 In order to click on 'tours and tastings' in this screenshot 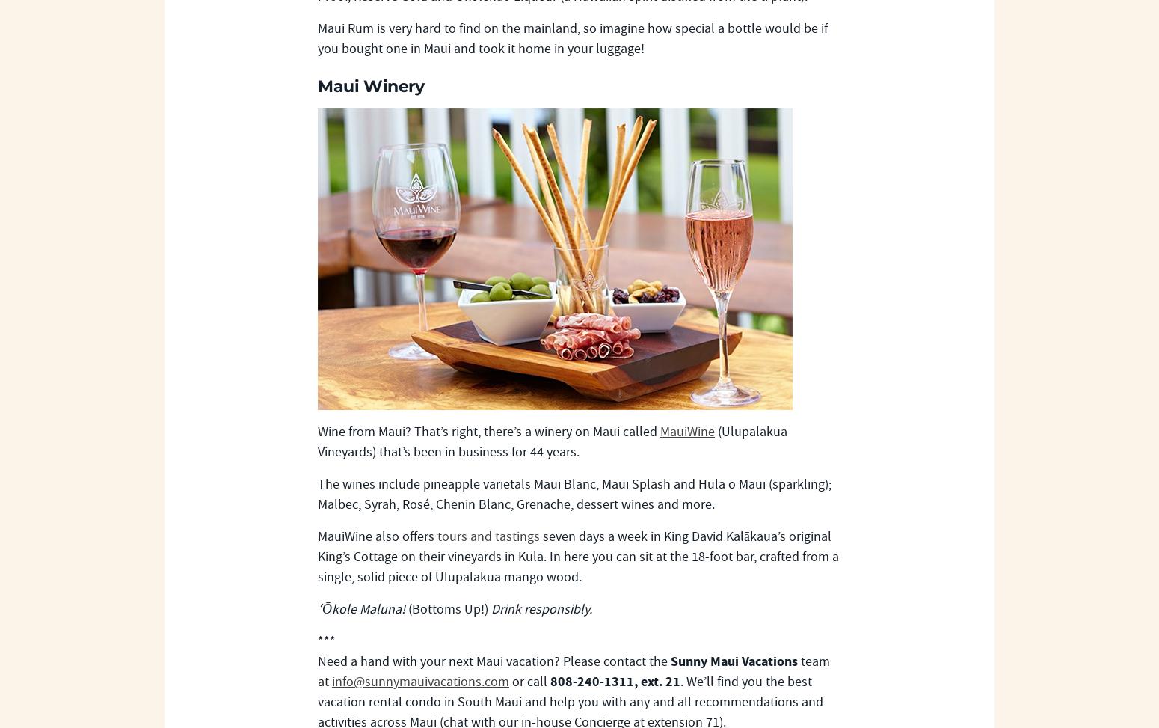, I will do `click(488, 536)`.